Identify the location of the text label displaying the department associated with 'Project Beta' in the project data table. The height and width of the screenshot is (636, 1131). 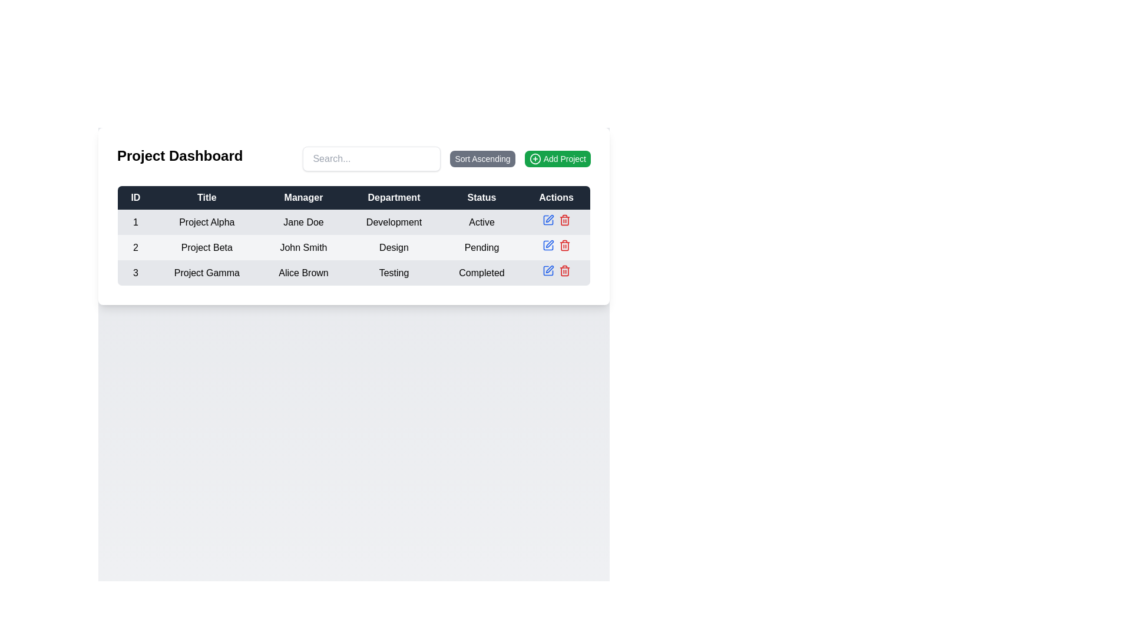
(393, 247).